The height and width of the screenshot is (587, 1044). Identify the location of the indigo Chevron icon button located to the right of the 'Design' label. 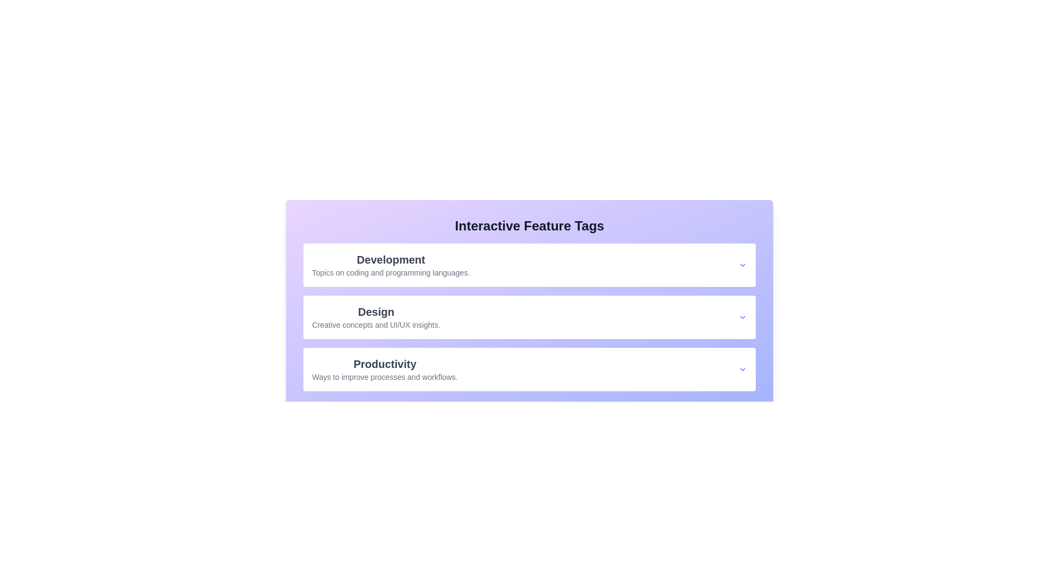
(742, 317).